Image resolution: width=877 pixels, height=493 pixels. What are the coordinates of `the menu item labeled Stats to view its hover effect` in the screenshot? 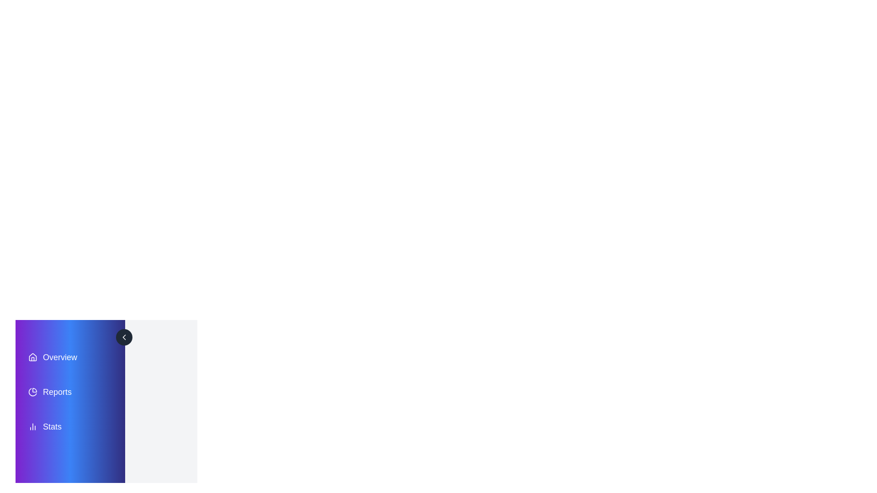 It's located at (69, 426).